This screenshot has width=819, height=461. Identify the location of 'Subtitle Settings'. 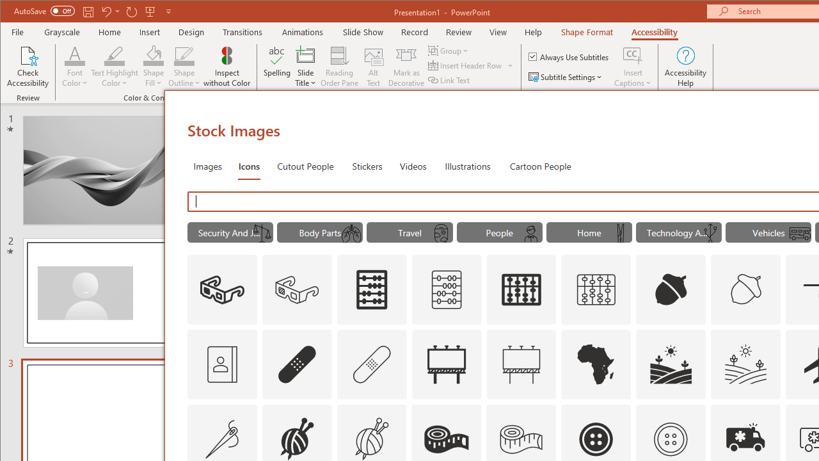
(566, 77).